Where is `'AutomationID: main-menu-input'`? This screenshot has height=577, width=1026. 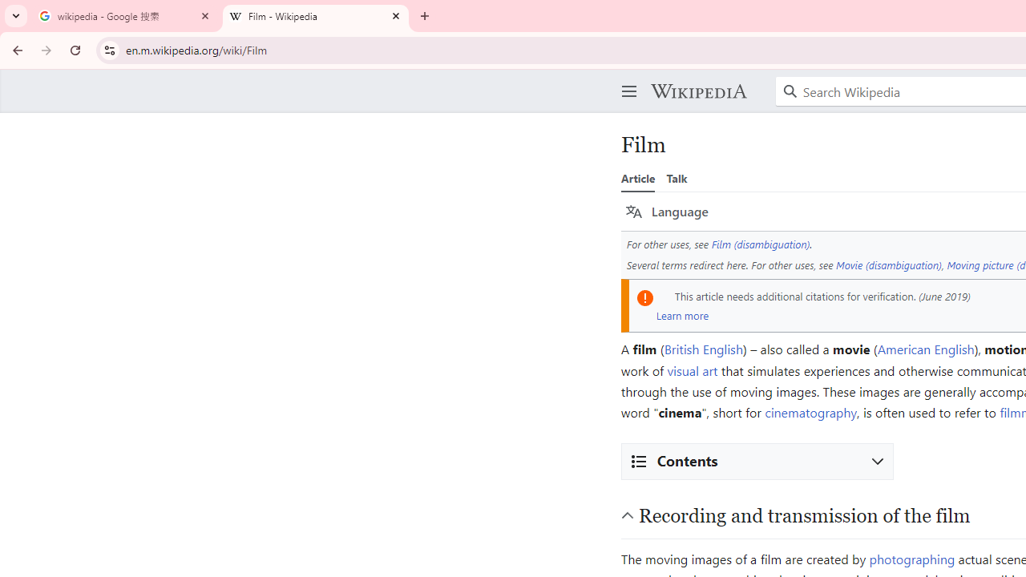
'AutomationID: main-menu-input' is located at coordinates (625, 79).